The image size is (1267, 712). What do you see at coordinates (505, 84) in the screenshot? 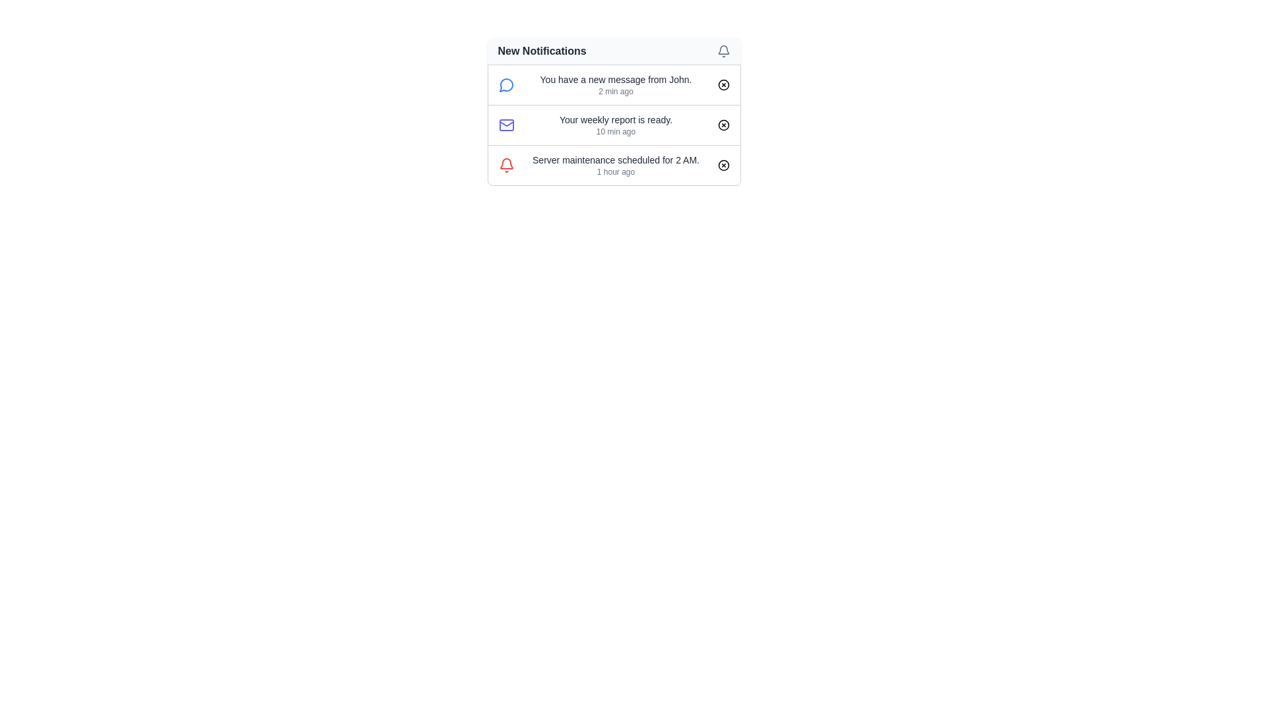
I see `the message notification icon indicating a new message from John, located at the left of the notification card` at bounding box center [505, 84].